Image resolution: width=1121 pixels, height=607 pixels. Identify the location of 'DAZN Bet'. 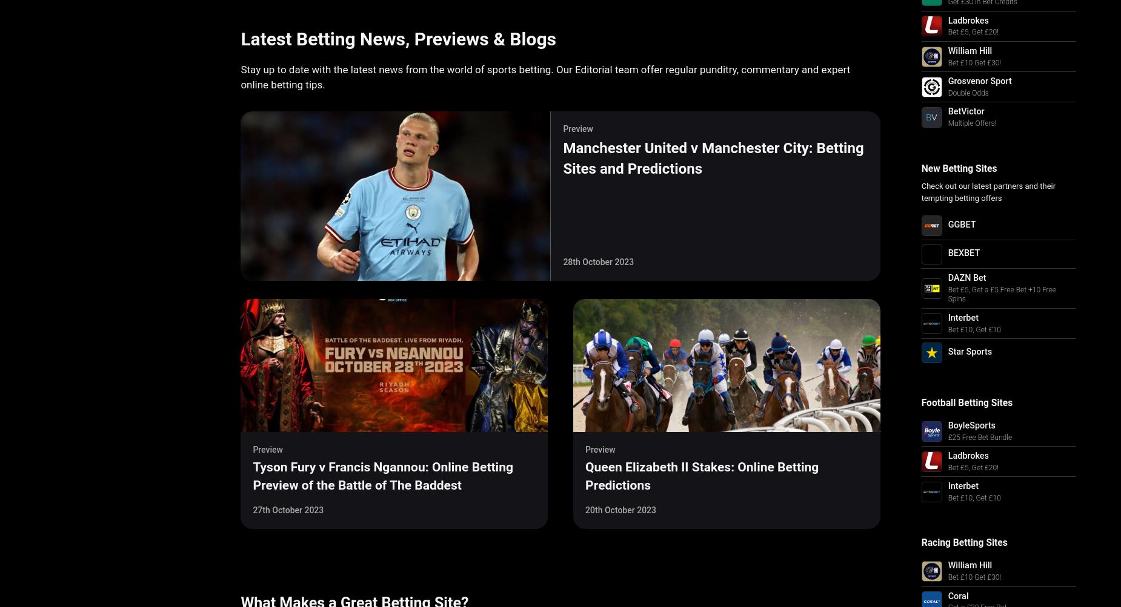
(966, 278).